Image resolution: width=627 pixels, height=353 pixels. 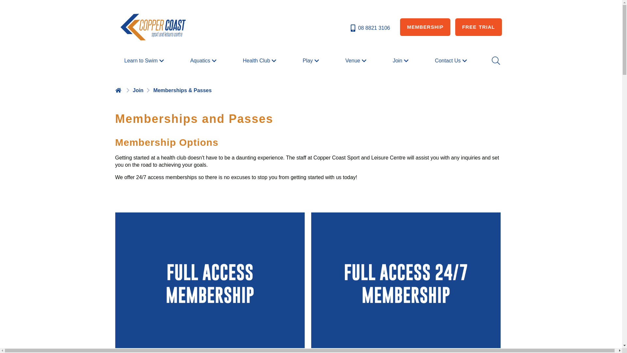 I want to click on 'Aquatics', so click(x=203, y=60).